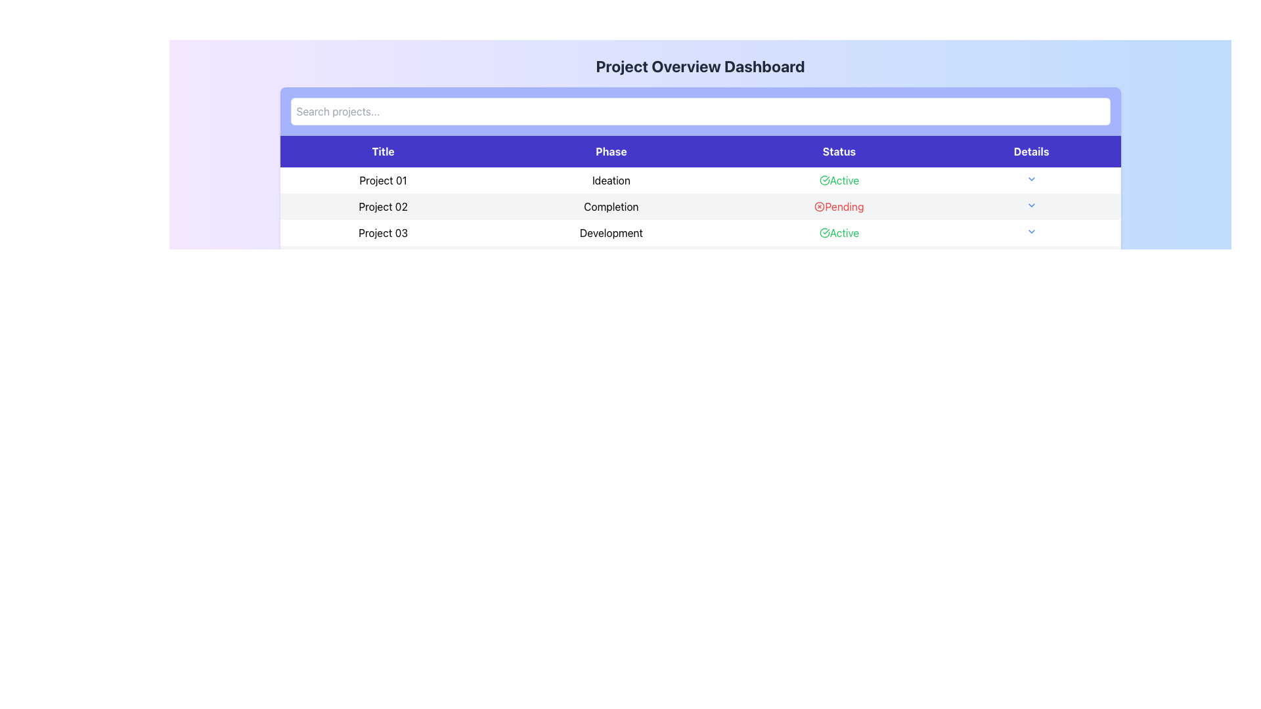  I want to click on the red text label reading 'Pending' in the 'Status' column of the table for 'Project 02' under the 'Completion' phase, so click(838, 207).